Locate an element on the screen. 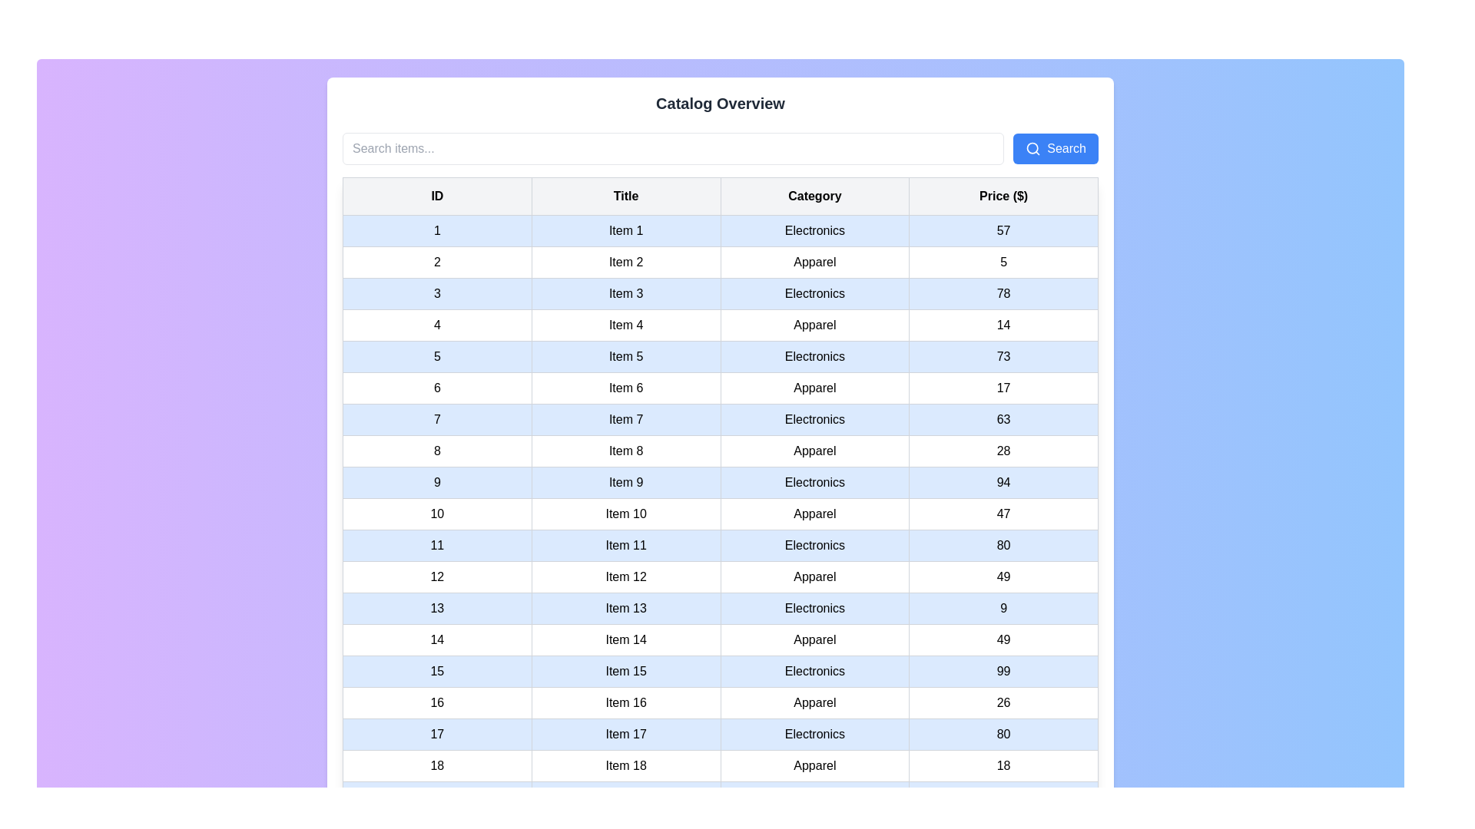 This screenshot has width=1475, height=829. the table cell containing the text 'Item 5', which is the second cell in the fifth row under the 'Title' column, adjacent to '5' and 'Electronics' is located at coordinates (626, 357).